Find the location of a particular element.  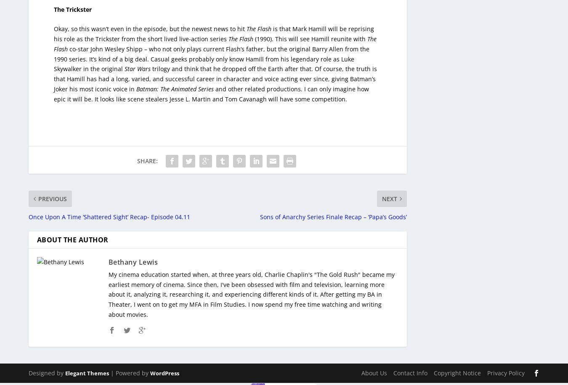

'About The Author' is located at coordinates (72, 234).